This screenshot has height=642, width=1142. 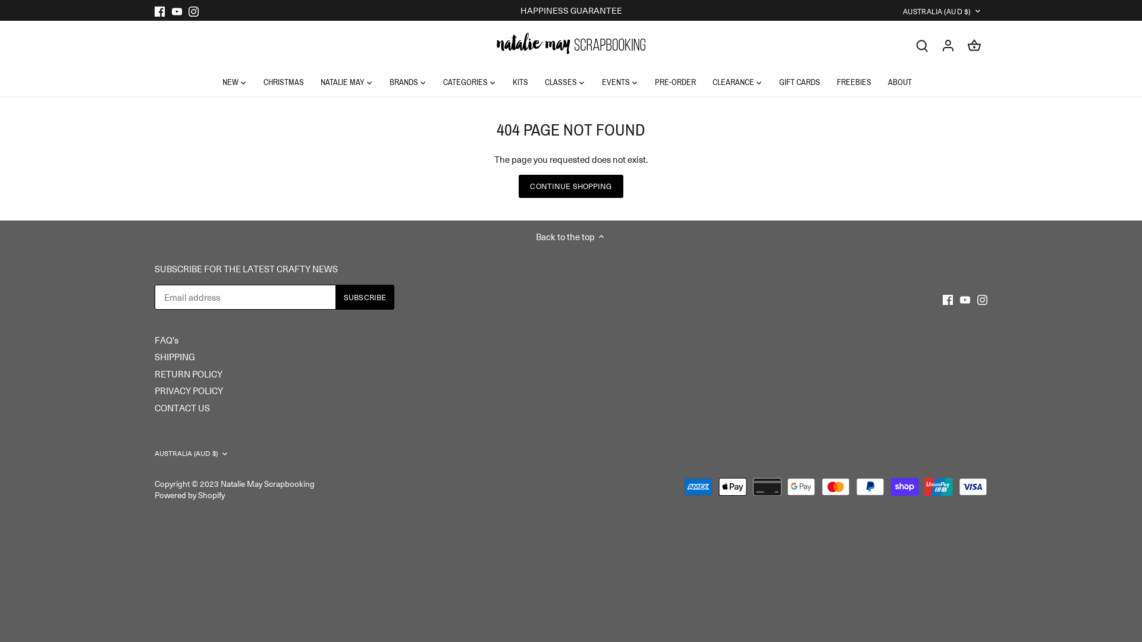 I want to click on 'Natalie May Scrapbooking', so click(x=267, y=483).